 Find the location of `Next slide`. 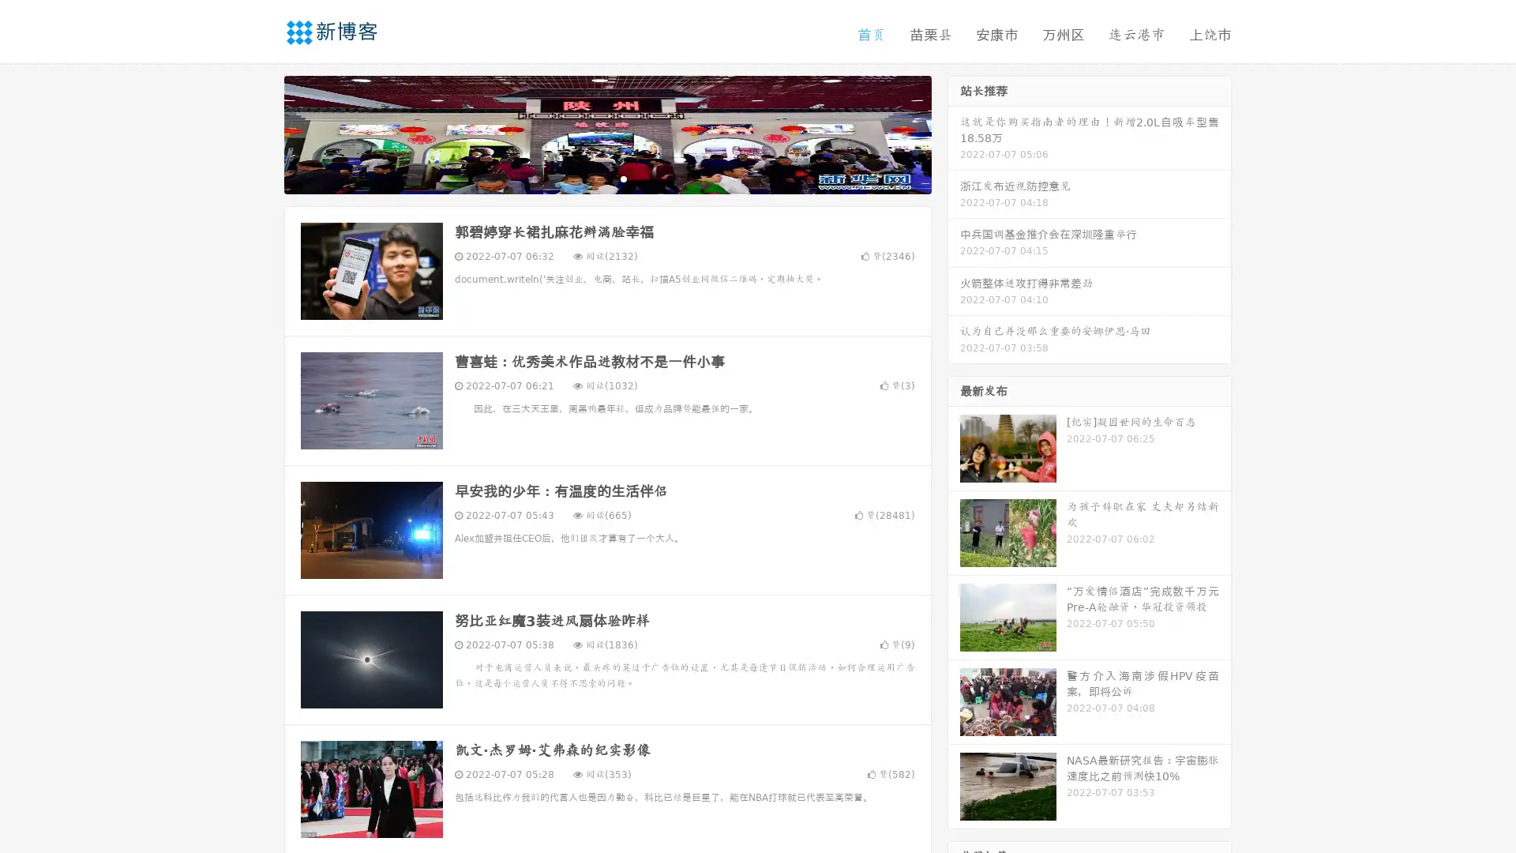

Next slide is located at coordinates (954, 133).